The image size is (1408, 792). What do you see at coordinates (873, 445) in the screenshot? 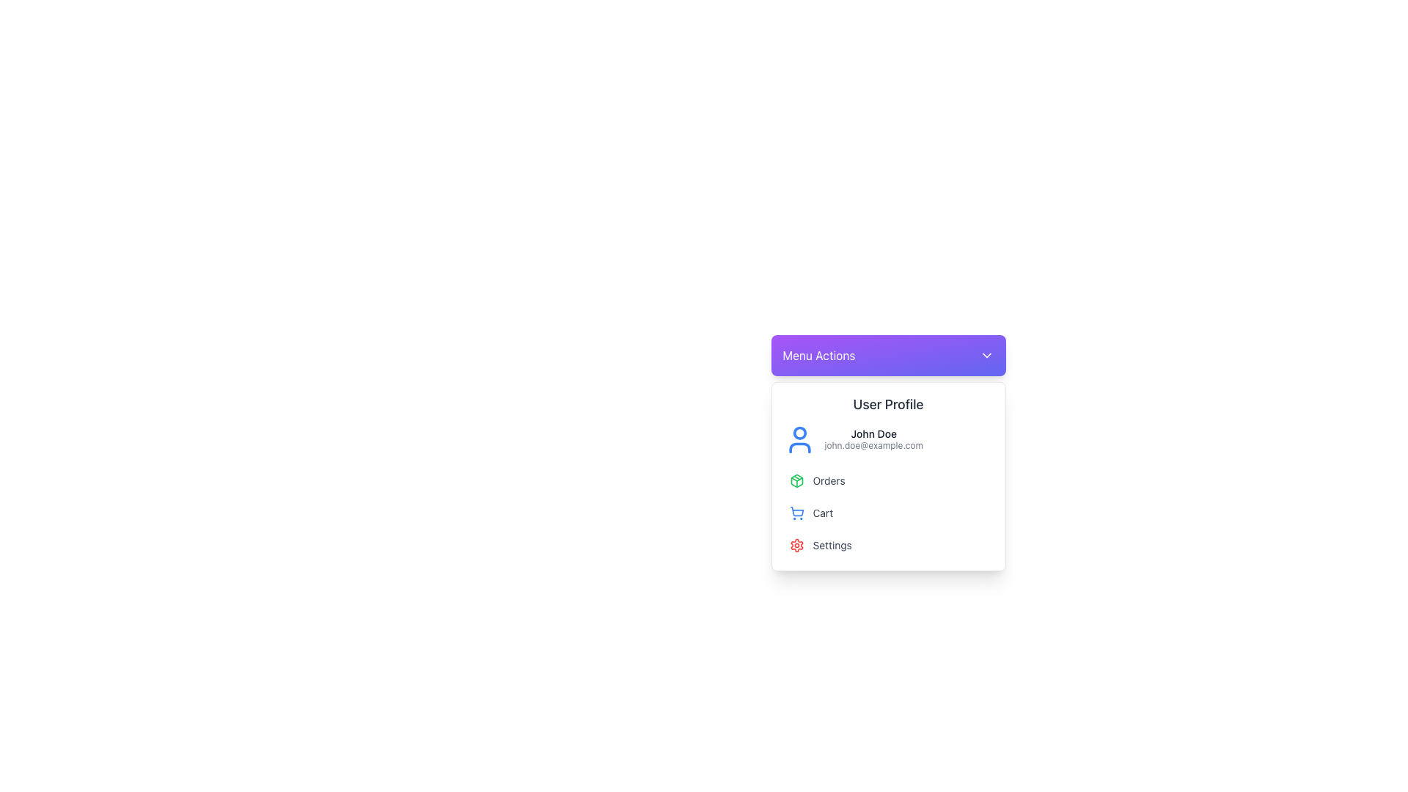
I see `the Text Display element showing the email address beneath the name 'John Doe' in the user profile card` at bounding box center [873, 445].